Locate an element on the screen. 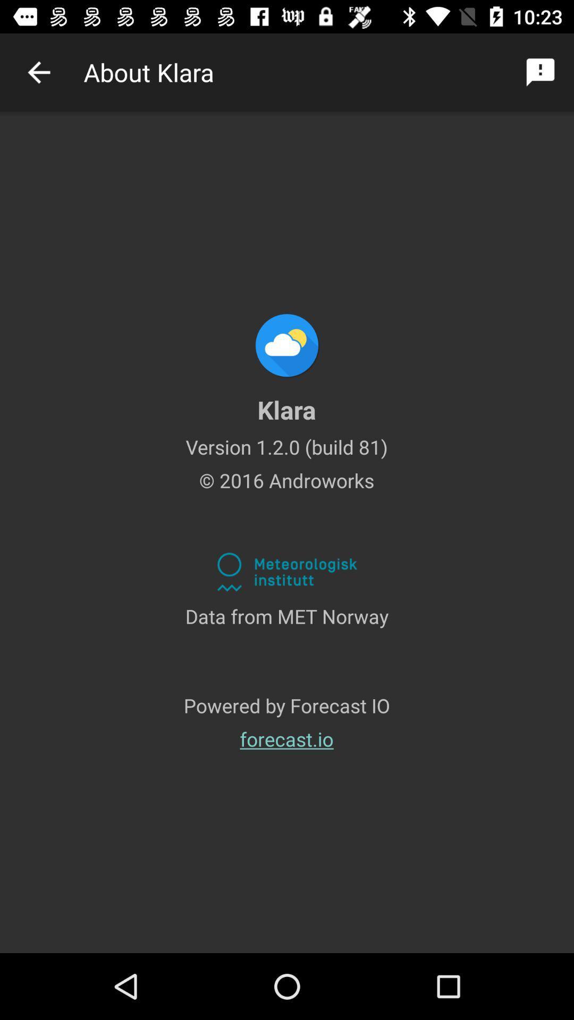 This screenshot has height=1020, width=574. go back is located at coordinates (38, 72).